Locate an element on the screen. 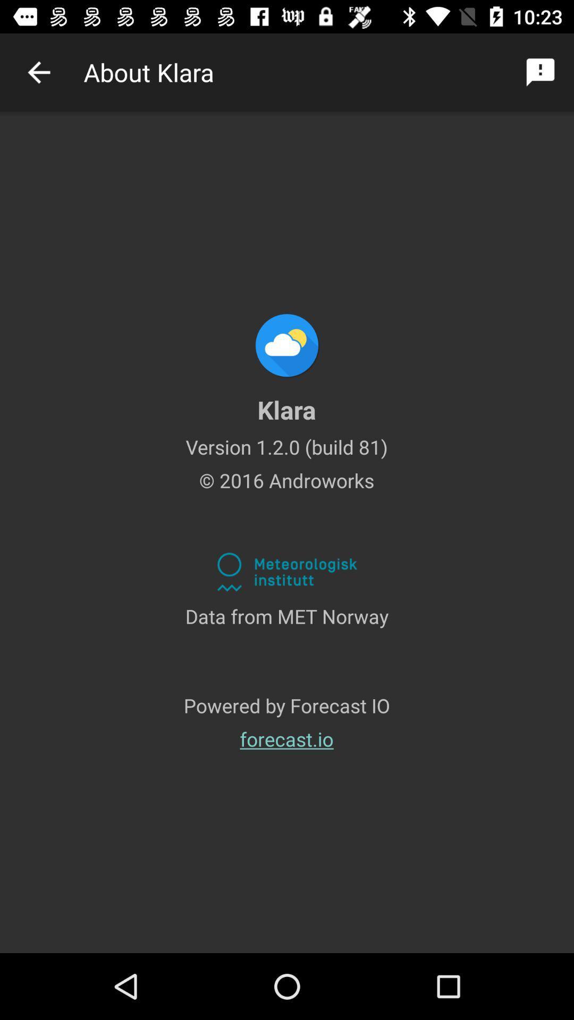 This screenshot has height=1020, width=574. go back is located at coordinates (38, 72).